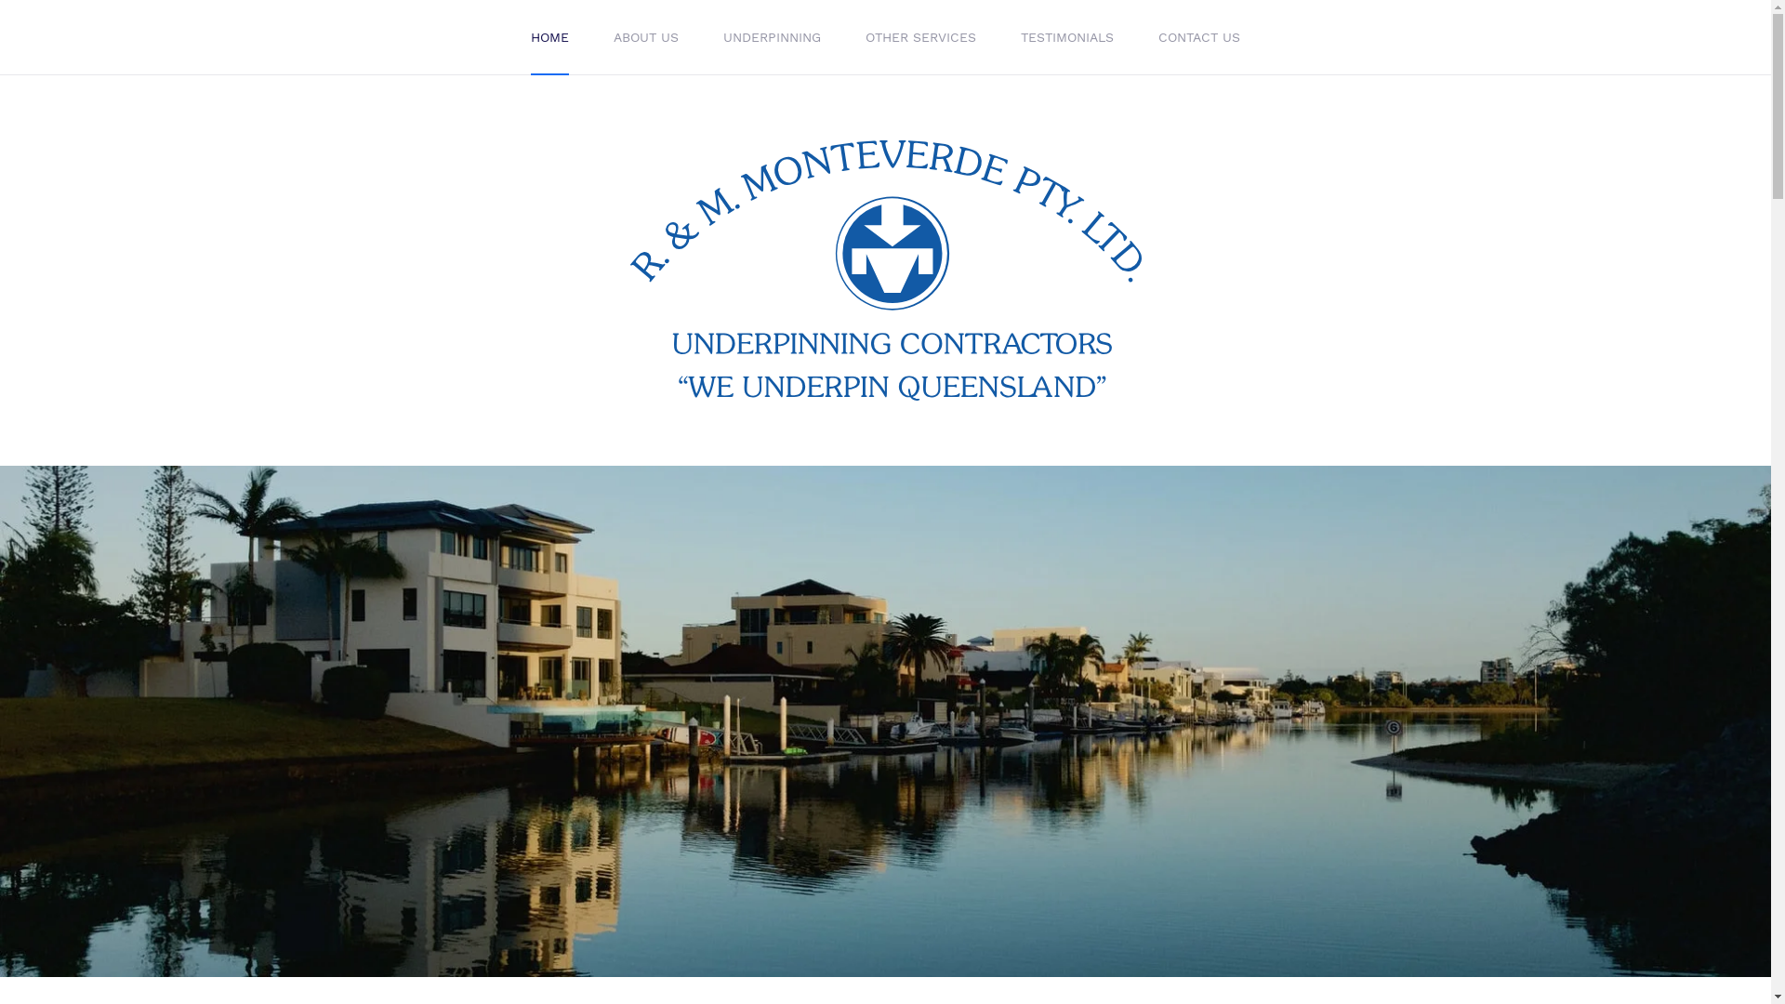  Describe the element at coordinates (699, 36) in the screenshot. I see `'UNDERPINNING'` at that location.